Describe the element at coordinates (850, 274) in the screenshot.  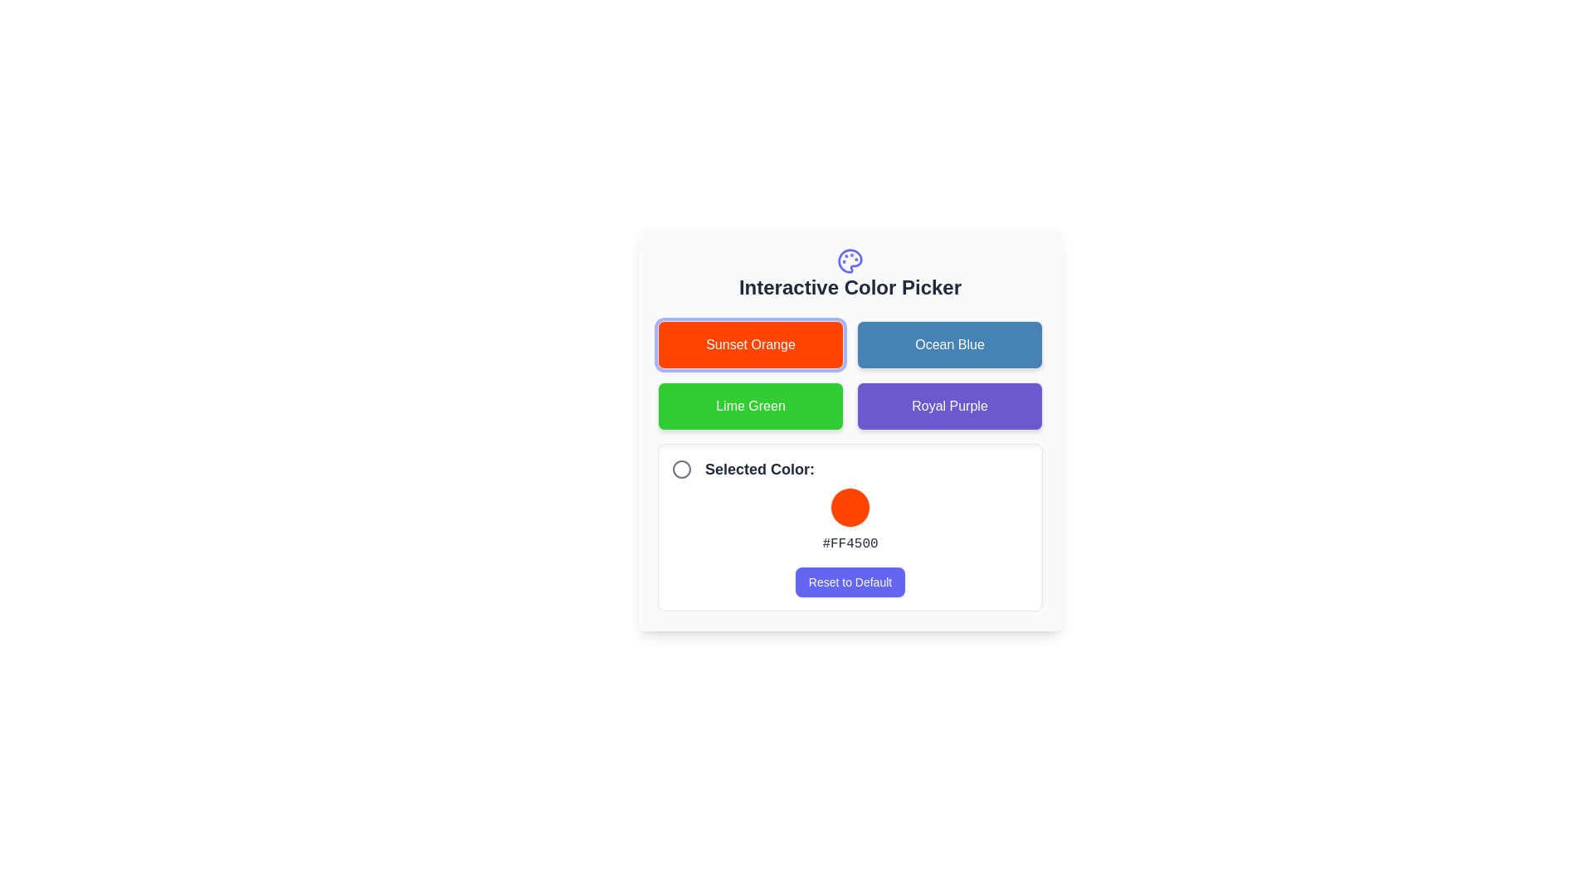
I see `the header section titled 'Interactive Color Picker', which is styled with a bold, large font size and centered alignment, located at the top of the interface` at that location.